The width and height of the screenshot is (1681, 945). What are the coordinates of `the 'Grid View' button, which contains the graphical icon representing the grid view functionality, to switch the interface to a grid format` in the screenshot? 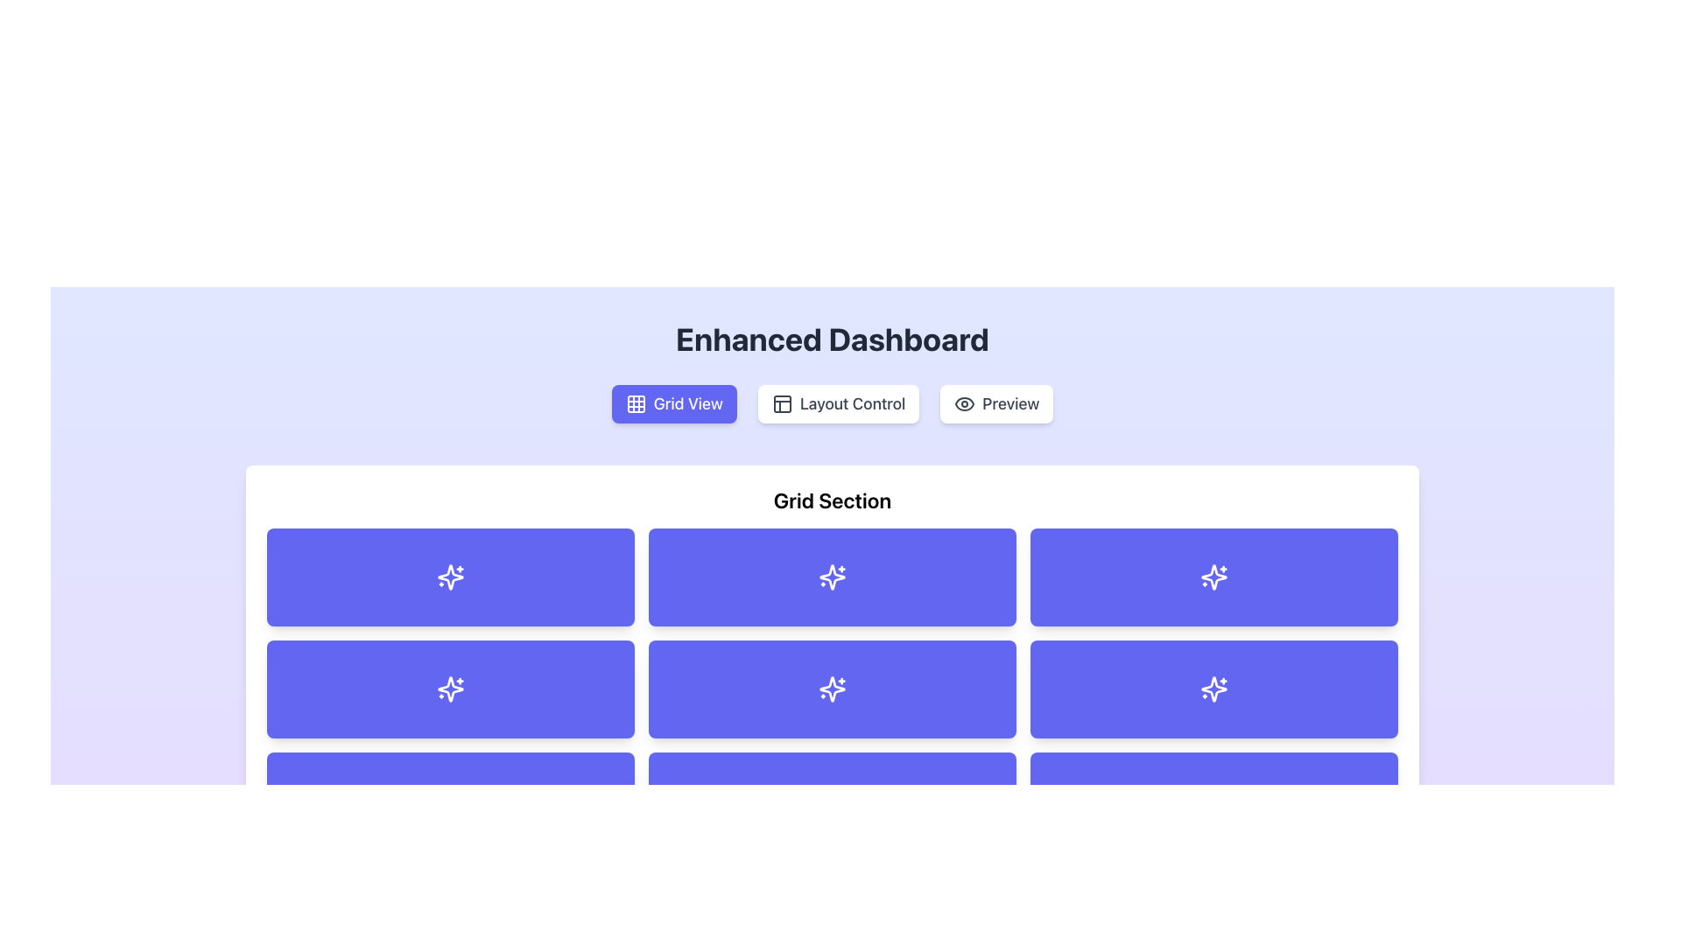 It's located at (635, 404).